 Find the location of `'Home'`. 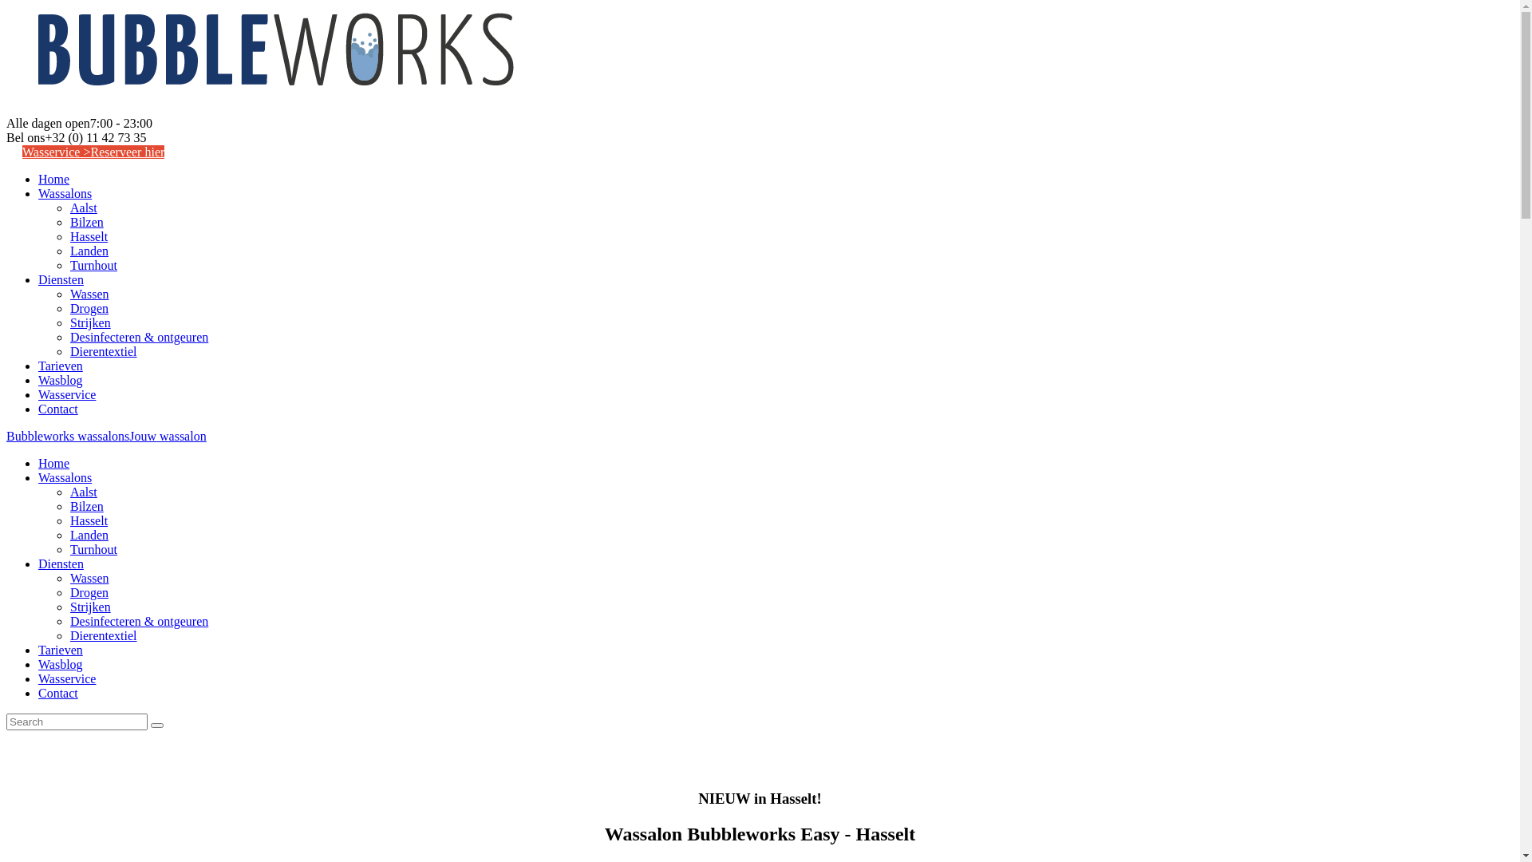

'Home' is located at coordinates (53, 463).